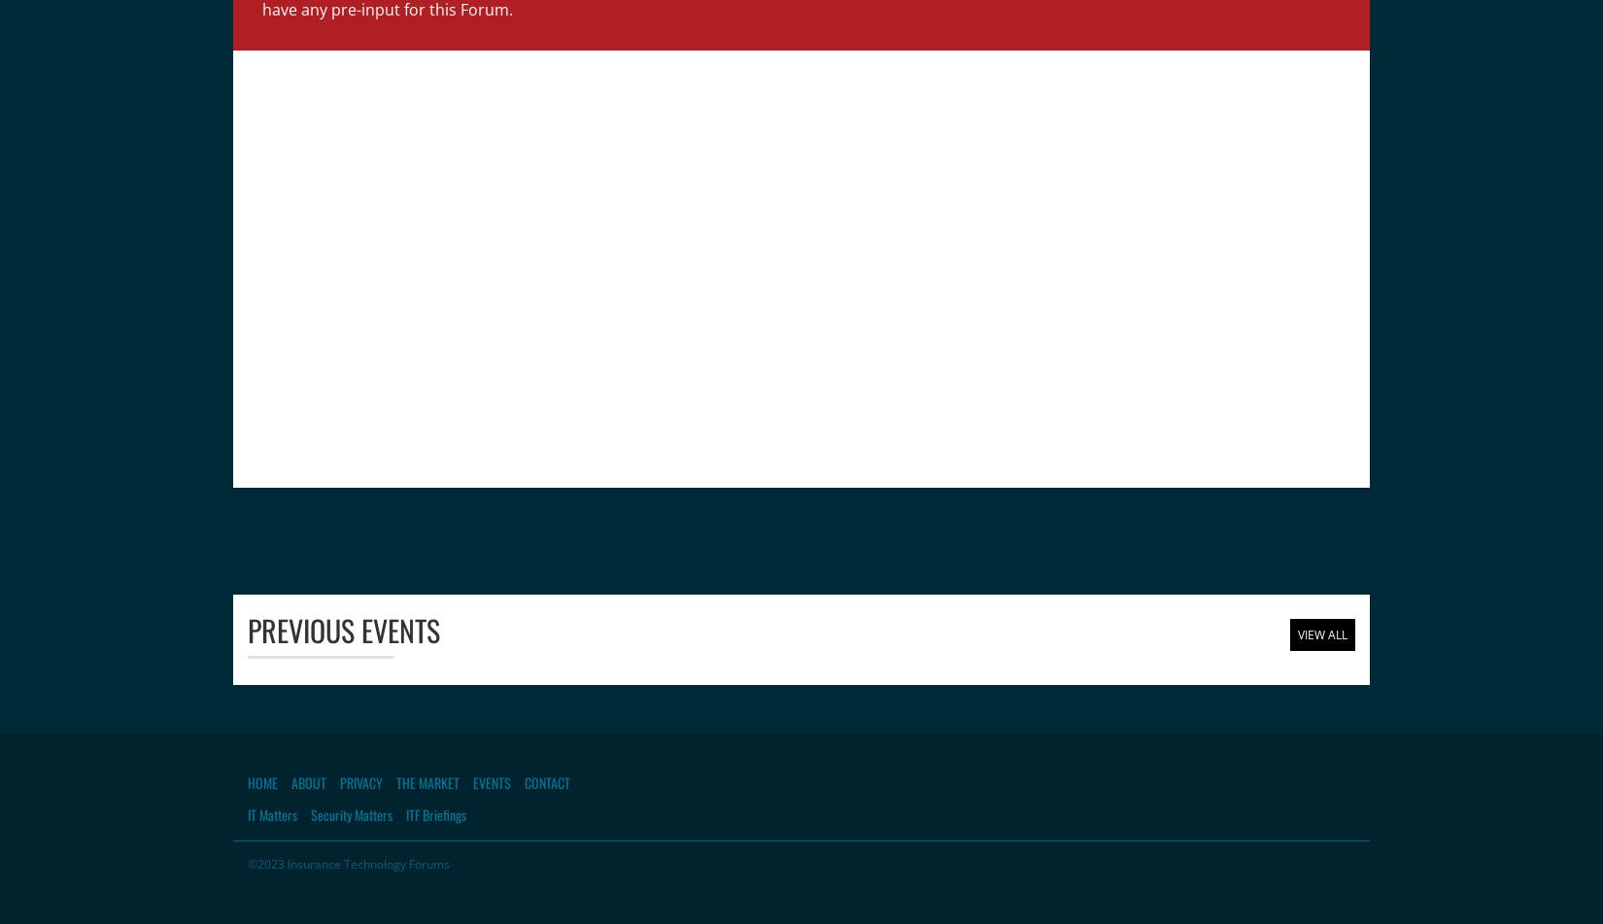  I want to click on 'IT Matters', so click(272, 812).